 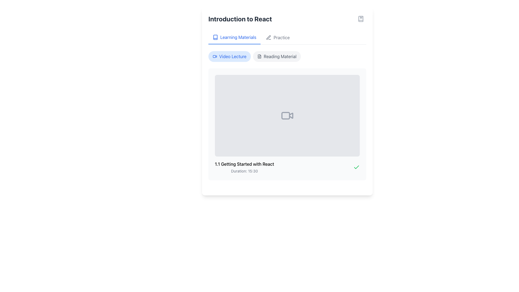 I want to click on the 'Practice' button located below the main heading in the horizontal row of navigation buttons, so click(x=287, y=37).